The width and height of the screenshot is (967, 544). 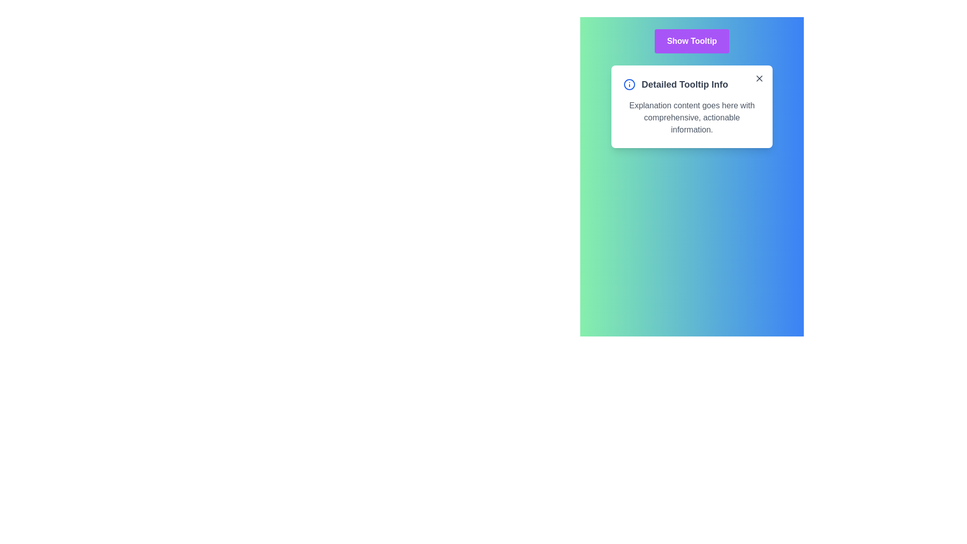 I want to click on the Close Button located in the top-right corner of the 'Detailed Tooltip Info' tooltip to change its color, so click(x=759, y=78).